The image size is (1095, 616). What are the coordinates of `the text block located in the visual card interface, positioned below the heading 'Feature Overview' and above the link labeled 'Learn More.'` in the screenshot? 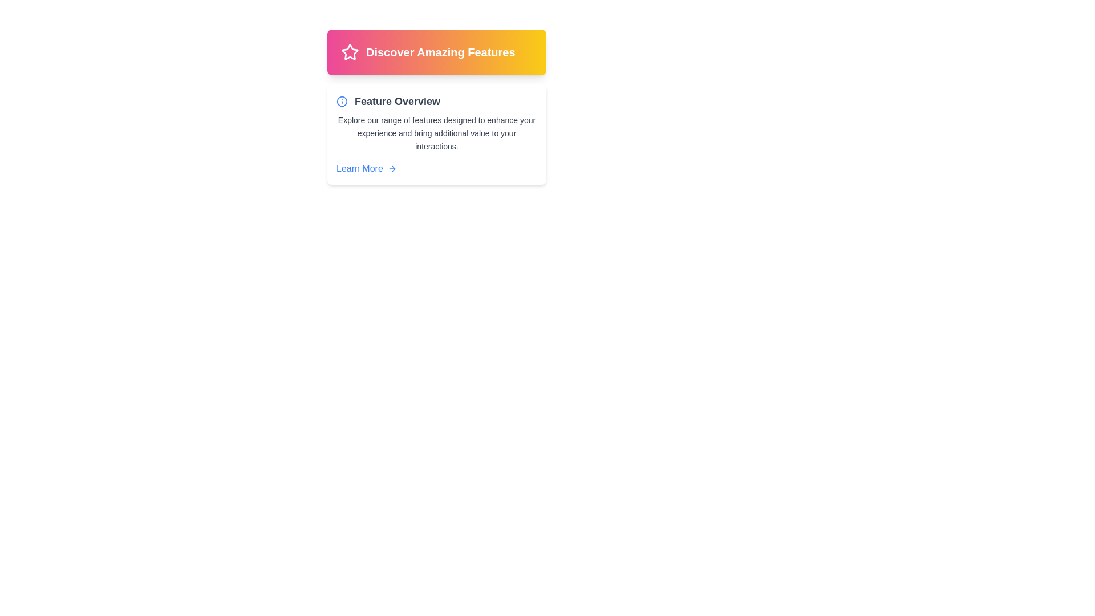 It's located at (436, 133).